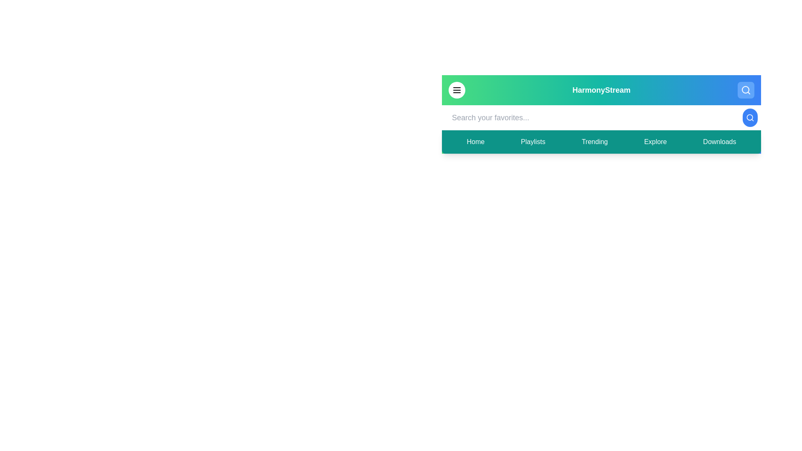 The width and height of the screenshot is (802, 451). What do you see at coordinates (746, 90) in the screenshot?
I see `the search button to toggle the visibility of the search bar` at bounding box center [746, 90].